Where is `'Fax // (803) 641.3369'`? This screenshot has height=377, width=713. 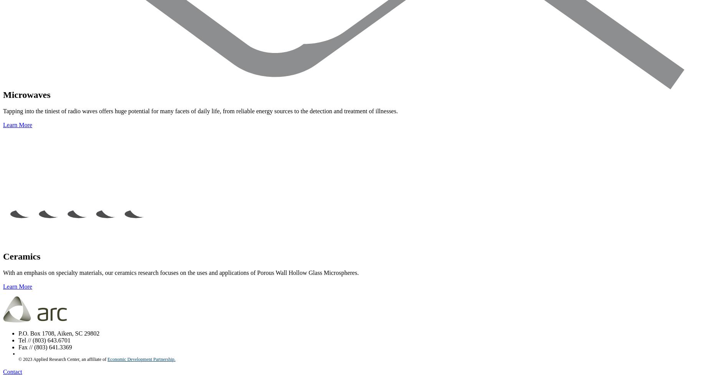 'Fax // (803) 641.3369' is located at coordinates (45, 347).